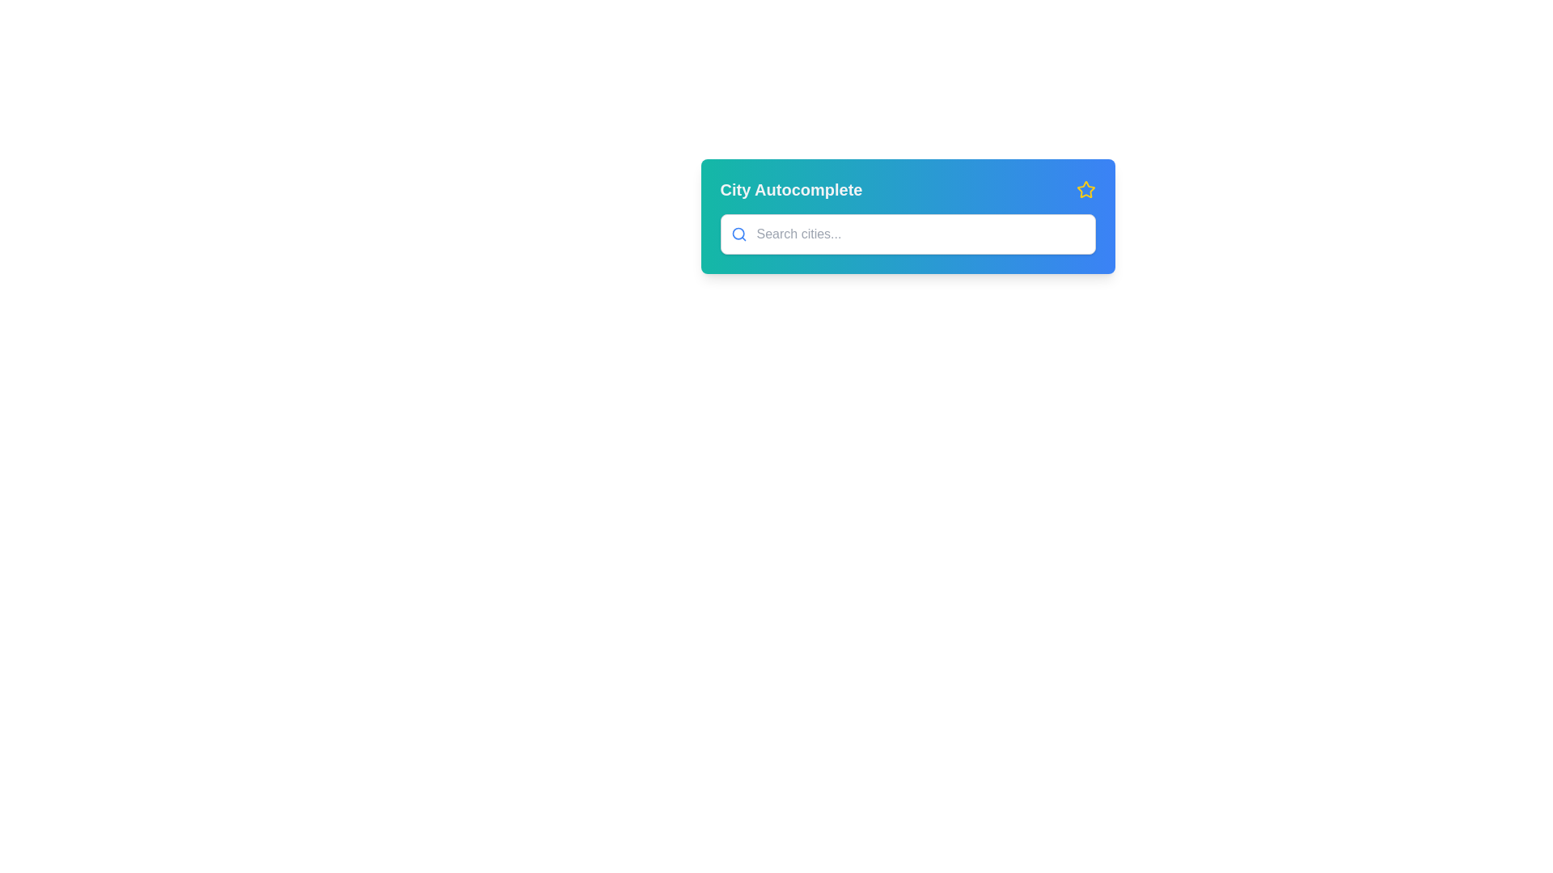 The width and height of the screenshot is (1553, 873). I want to click on the blue magnifying glass icon, so click(738, 234).